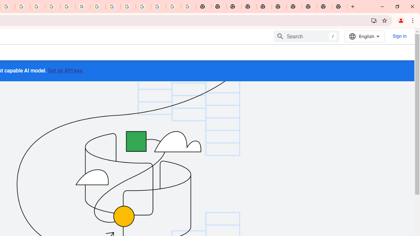  What do you see at coordinates (53, 7) in the screenshot?
I see `'Privacy Help Center - Policies Help'` at bounding box center [53, 7].